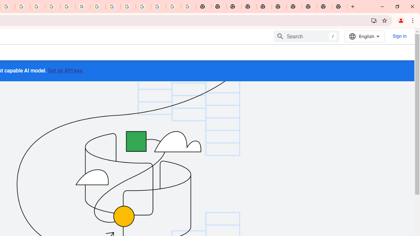  What do you see at coordinates (53, 7) in the screenshot?
I see `'Privacy Help Center - Policies Help'` at bounding box center [53, 7].